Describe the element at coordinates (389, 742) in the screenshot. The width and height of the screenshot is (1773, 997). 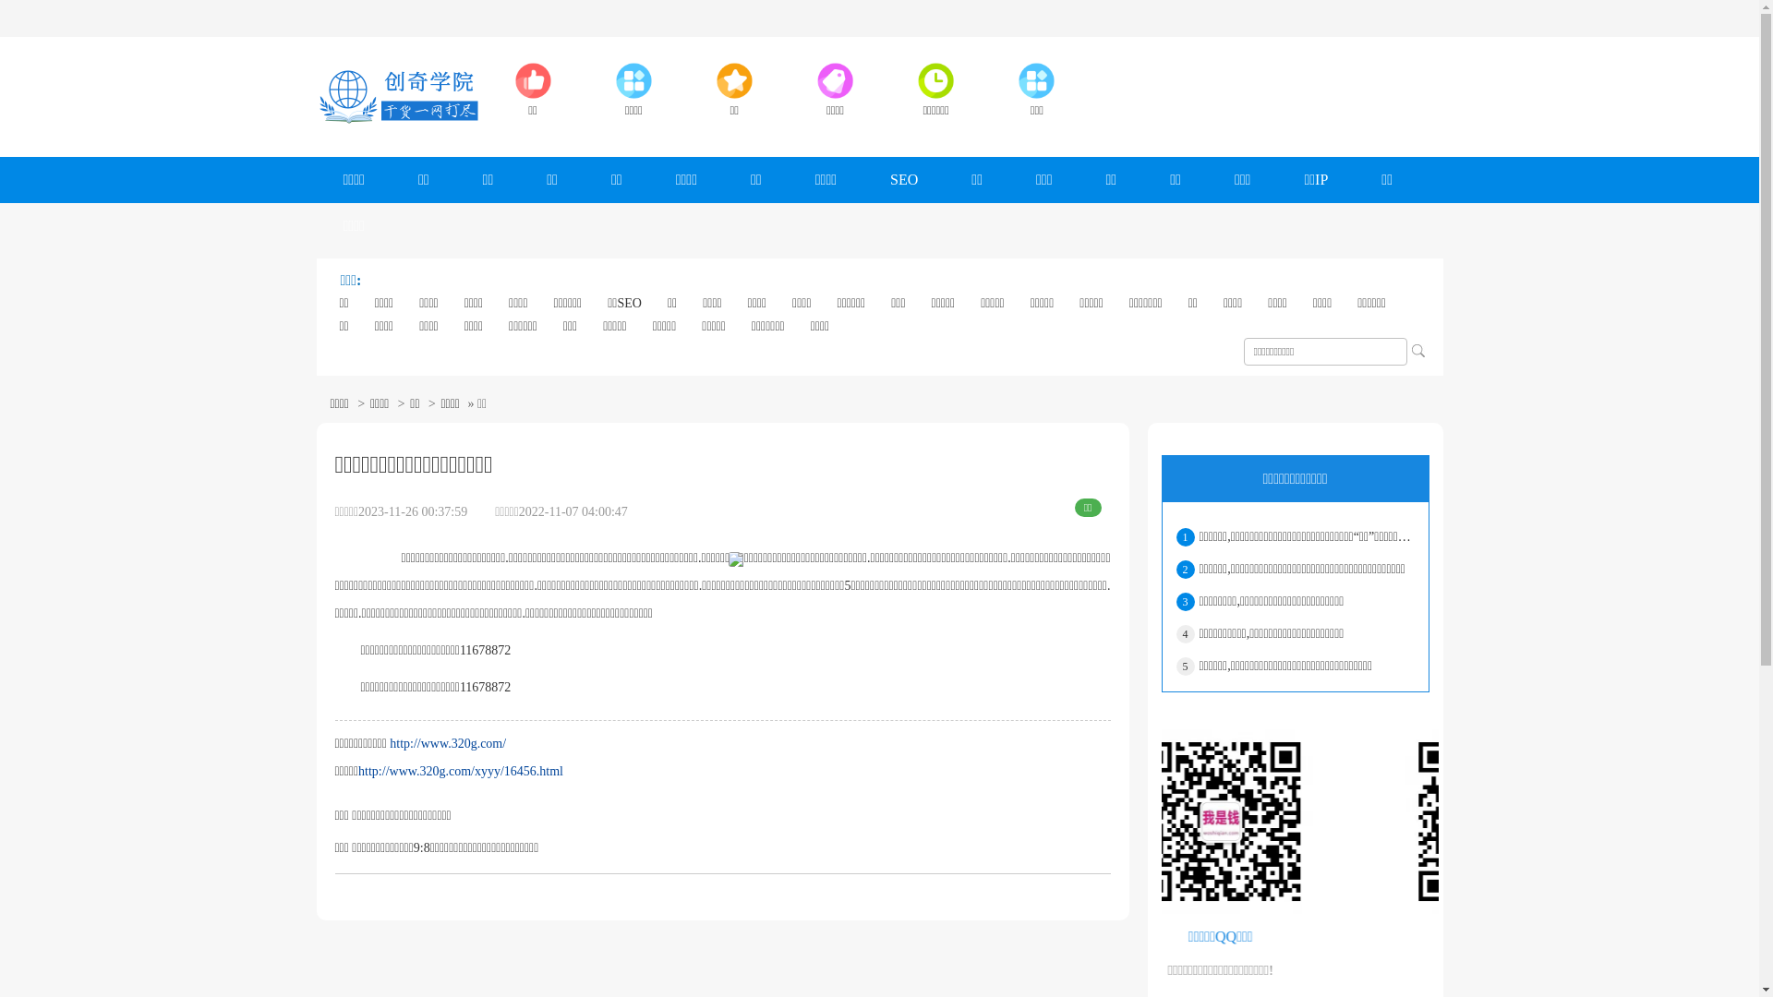
I see `'http://www.320g.com/'` at that location.